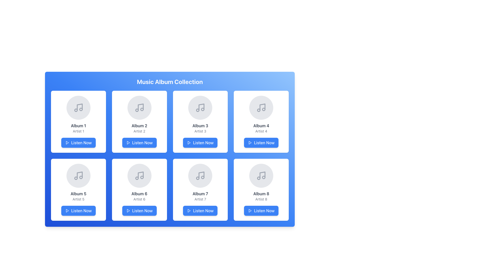 This screenshot has width=480, height=270. What do you see at coordinates (250, 211) in the screenshot?
I see `the Play icon located within the 'Listen Now' button at the bottom of the album panel for 'Album 8 - Artist 8'` at bounding box center [250, 211].